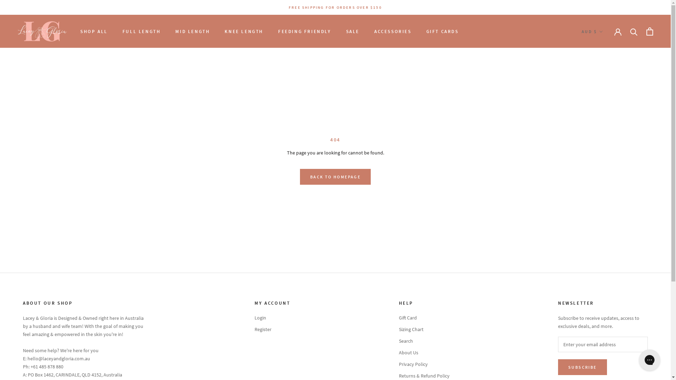  What do you see at coordinates (424, 375) in the screenshot?
I see `'Returns & Refund Policy'` at bounding box center [424, 375].